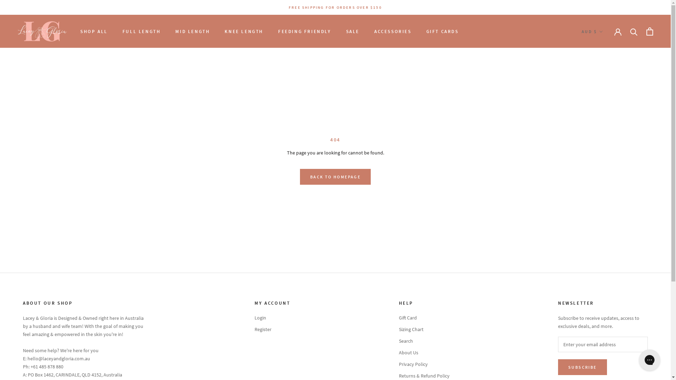  What do you see at coordinates (424, 375) in the screenshot?
I see `'Returns & Refund Policy'` at bounding box center [424, 375].